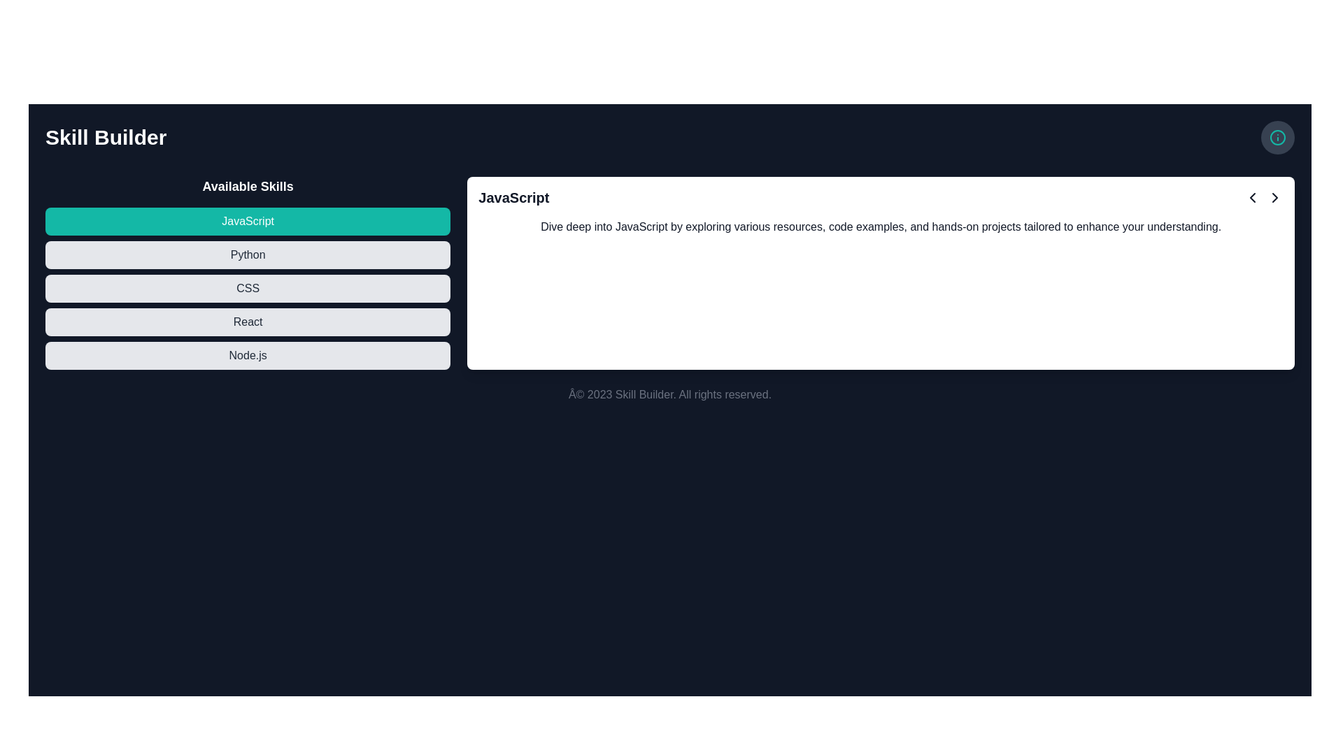 The image size is (1343, 755). I want to click on the fourth selectable button under 'Available Skills' to select and confirm the choice for the 'React' skill, so click(248, 322).